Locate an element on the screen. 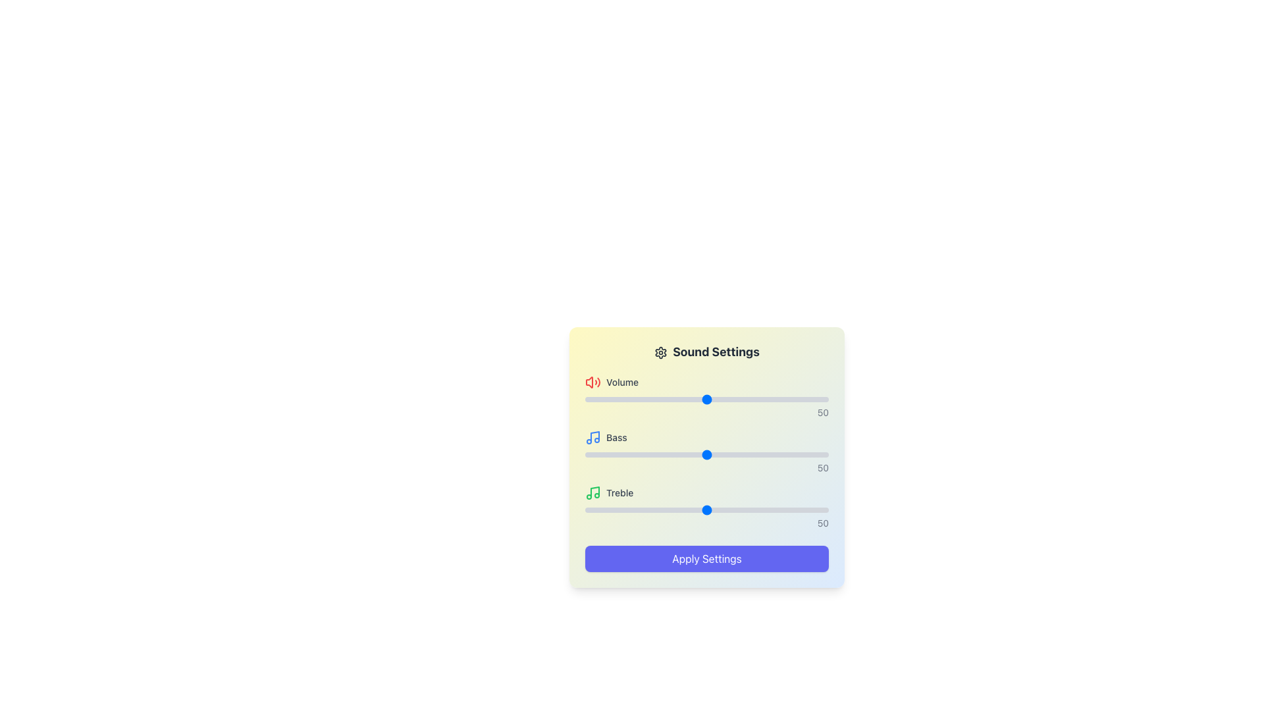 Image resolution: width=1264 pixels, height=711 pixels. the bass level is located at coordinates (770, 454).